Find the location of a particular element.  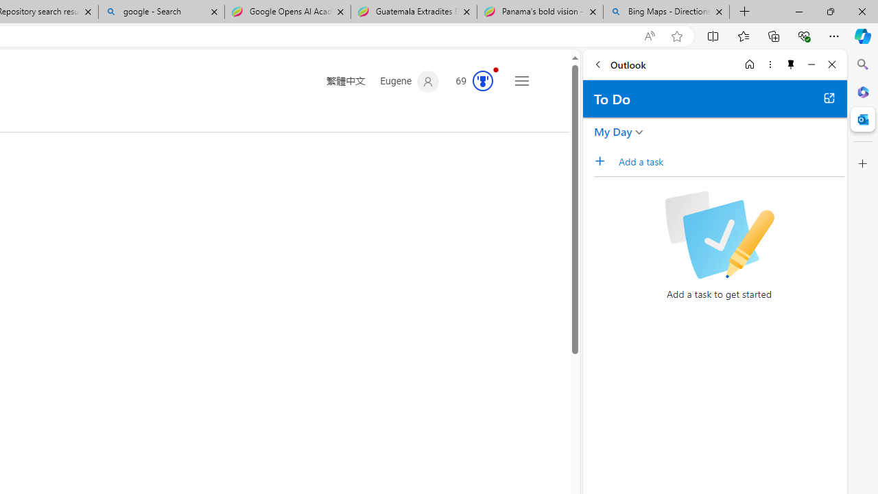

'Animation' is located at coordinates (495, 69).